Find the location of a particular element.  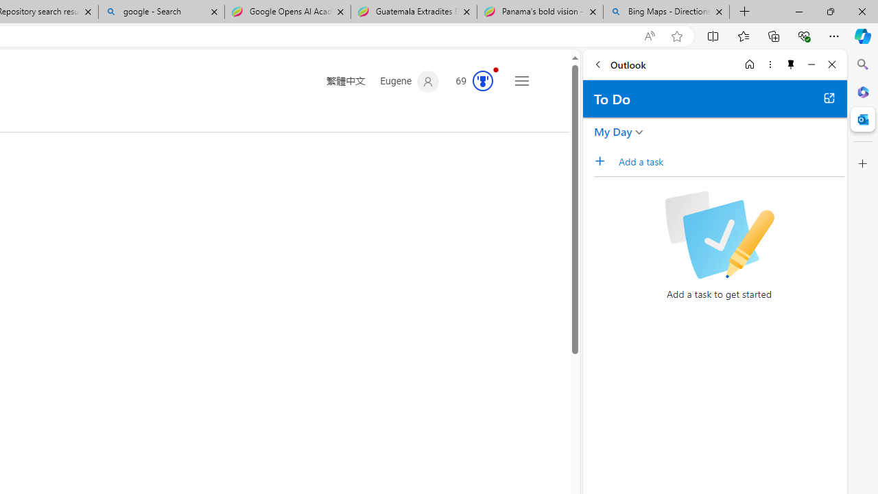

'Animation' is located at coordinates (495, 69).